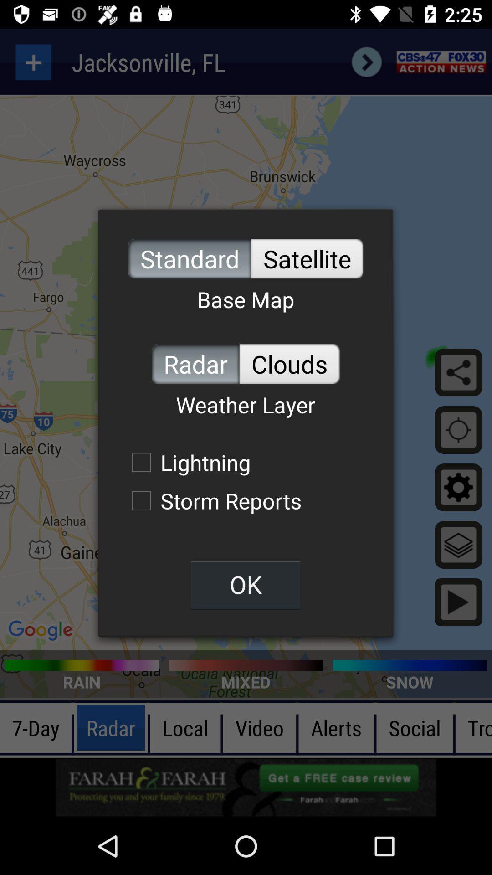 The image size is (492, 875). Describe the element at coordinates (212, 500) in the screenshot. I see `the icon below the lightning` at that location.